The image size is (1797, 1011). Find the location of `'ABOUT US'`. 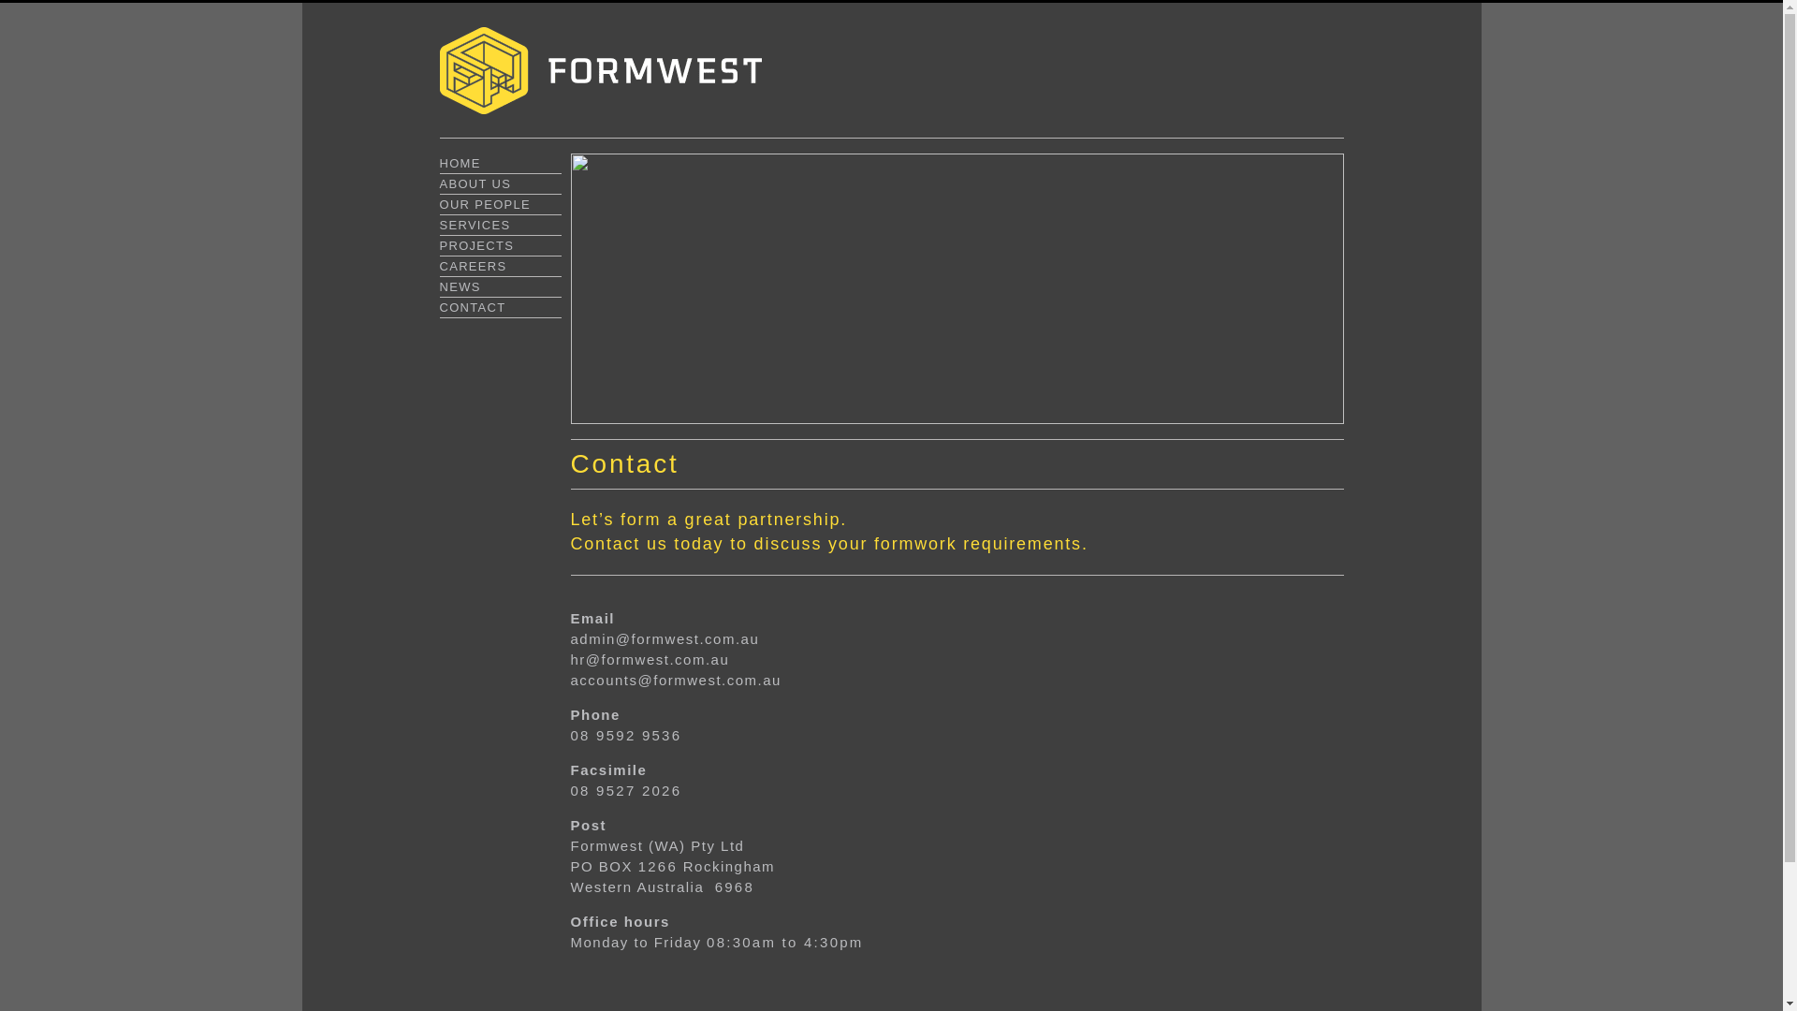

'ABOUT US' is located at coordinates (475, 181).